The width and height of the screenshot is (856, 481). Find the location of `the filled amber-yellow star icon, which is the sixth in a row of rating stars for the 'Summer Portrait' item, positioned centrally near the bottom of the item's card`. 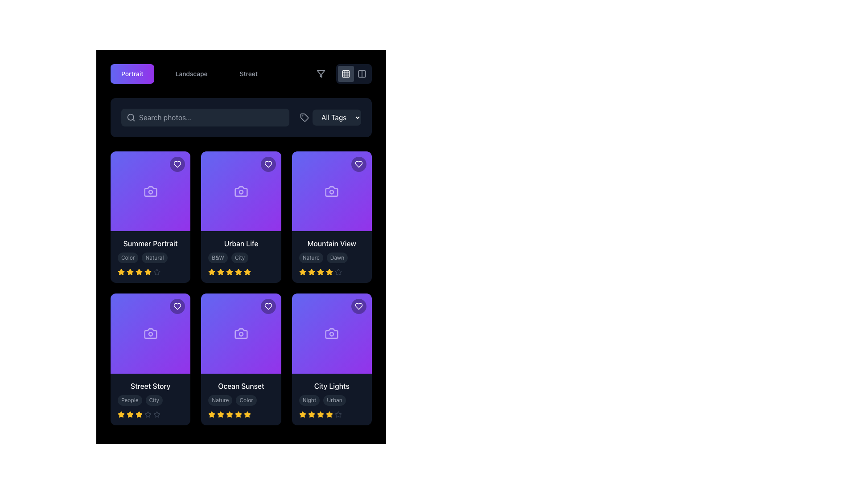

the filled amber-yellow star icon, which is the sixth in a row of rating stars for the 'Summer Portrait' item, positioned centrally near the bottom of the item's card is located at coordinates (148, 271).